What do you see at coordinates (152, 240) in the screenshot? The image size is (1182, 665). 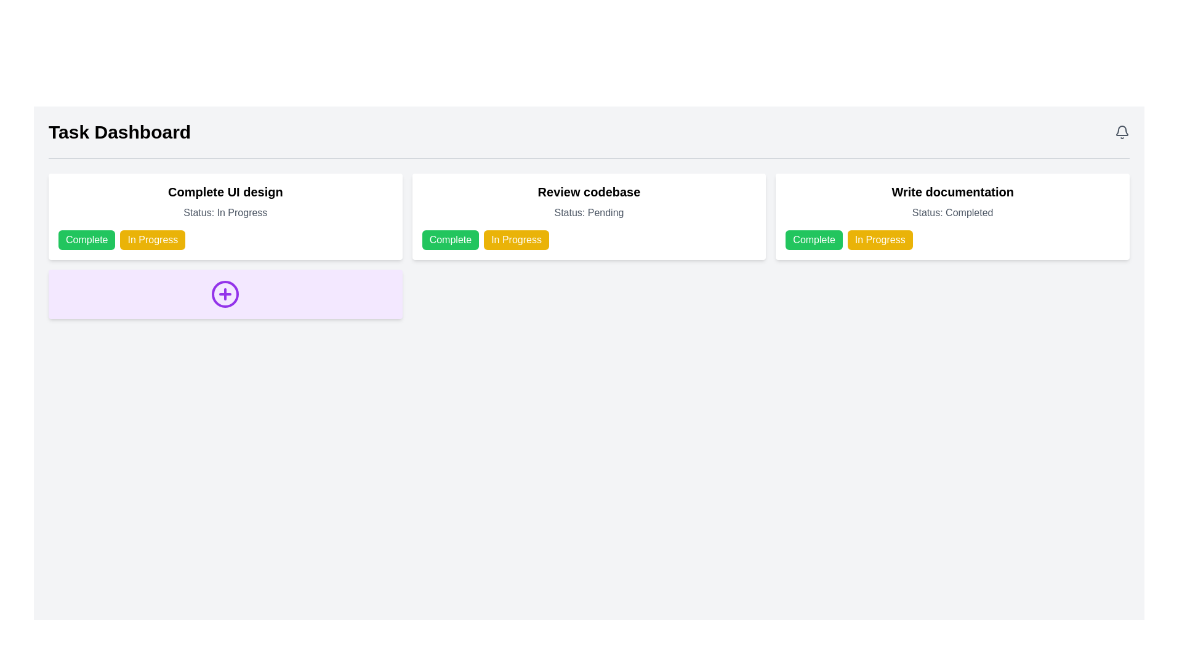 I see `the 'In Progress' button located to the right of the 'Complete' button in the 'Complete UI design' section` at bounding box center [152, 240].